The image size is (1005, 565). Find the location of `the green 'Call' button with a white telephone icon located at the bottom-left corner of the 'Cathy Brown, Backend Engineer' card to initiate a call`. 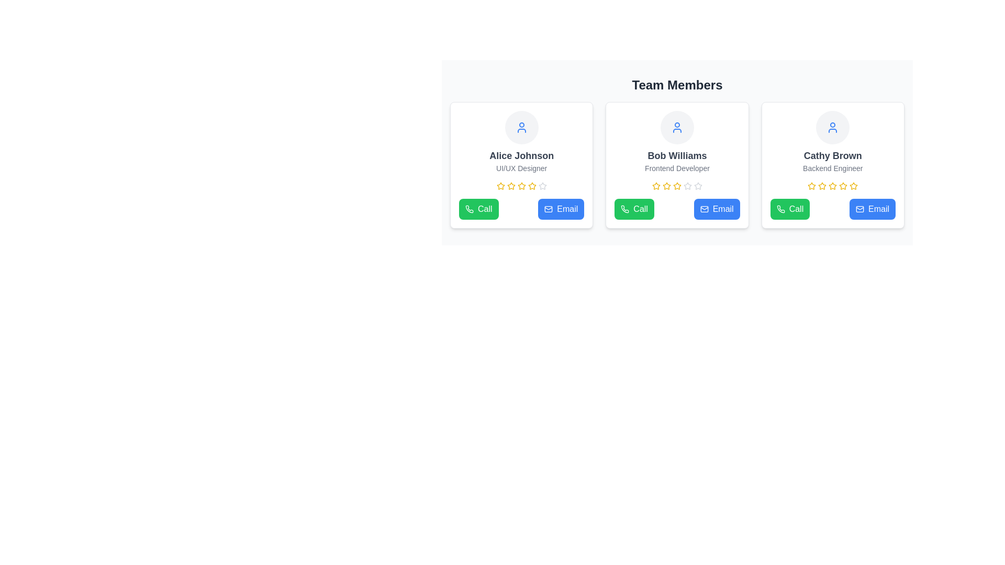

the green 'Call' button with a white telephone icon located at the bottom-left corner of the 'Cathy Brown, Backend Engineer' card to initiate a call is located at coordinates (790, 209).